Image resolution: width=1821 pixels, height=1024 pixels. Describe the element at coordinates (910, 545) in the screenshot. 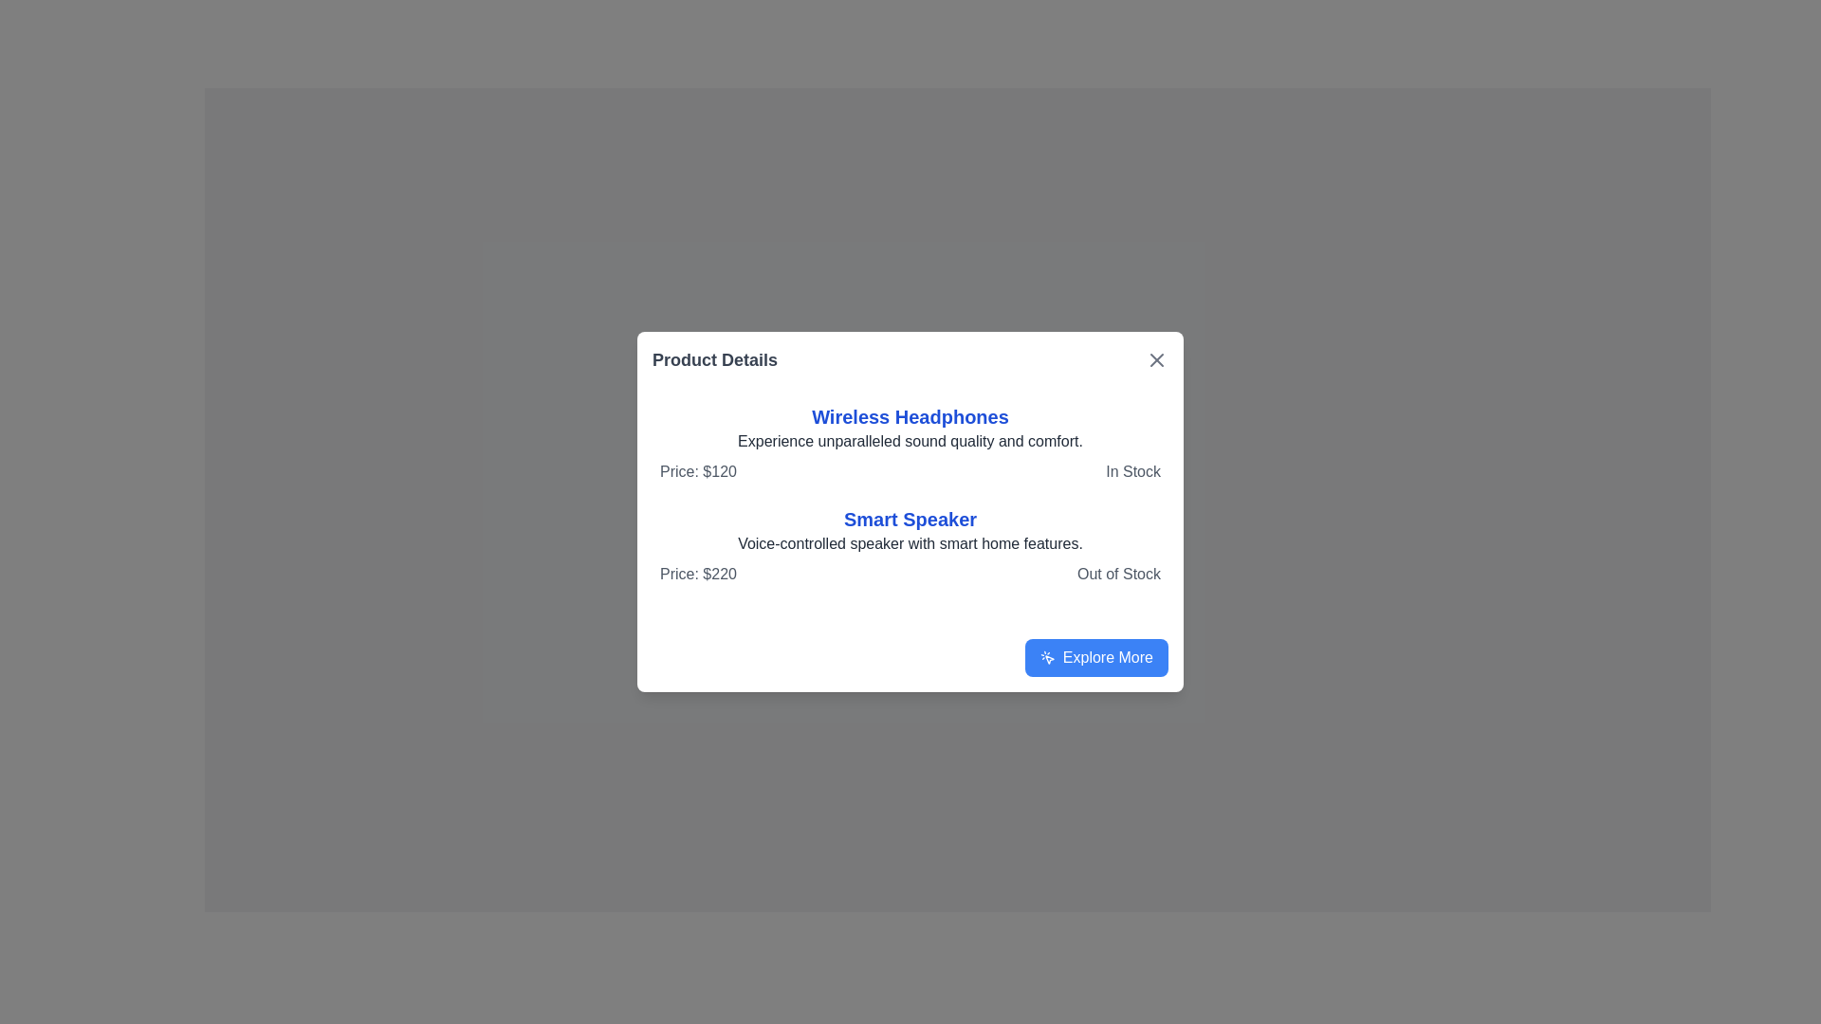

I see `text of the Informational Group for the product titled 'Smart Speaker', which is displayed in bold blue font with additional details in gray font` at that location.